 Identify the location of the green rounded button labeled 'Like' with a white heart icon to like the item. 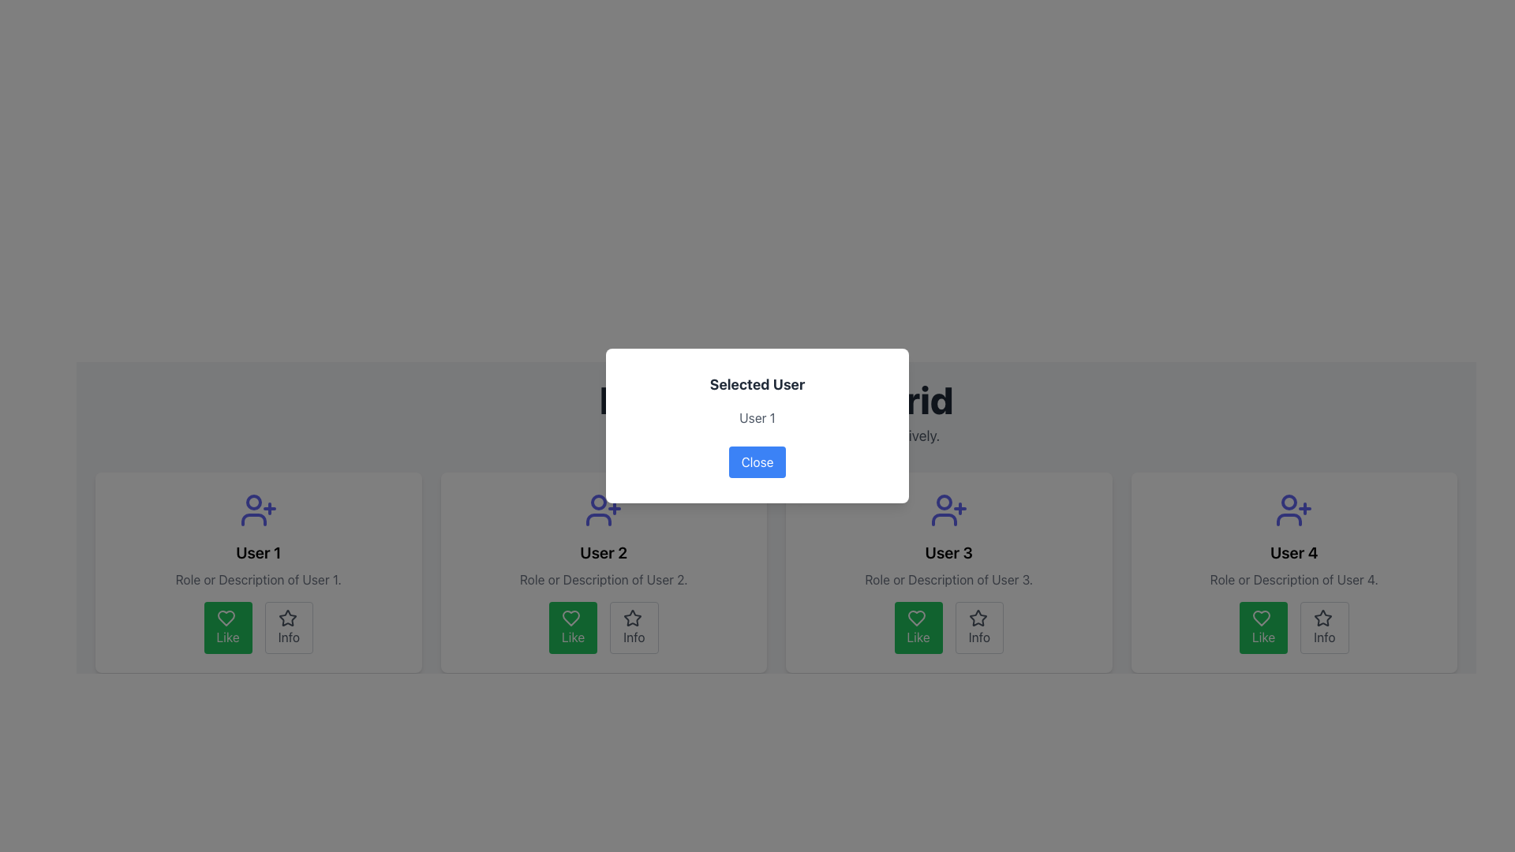
(227, 626).